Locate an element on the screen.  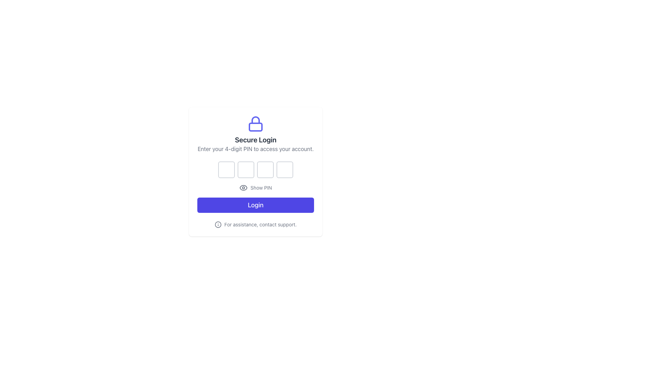
the eye-shaped toggle icon located to the left of the 'Show PIN' label is located at coordinates (244, 187).